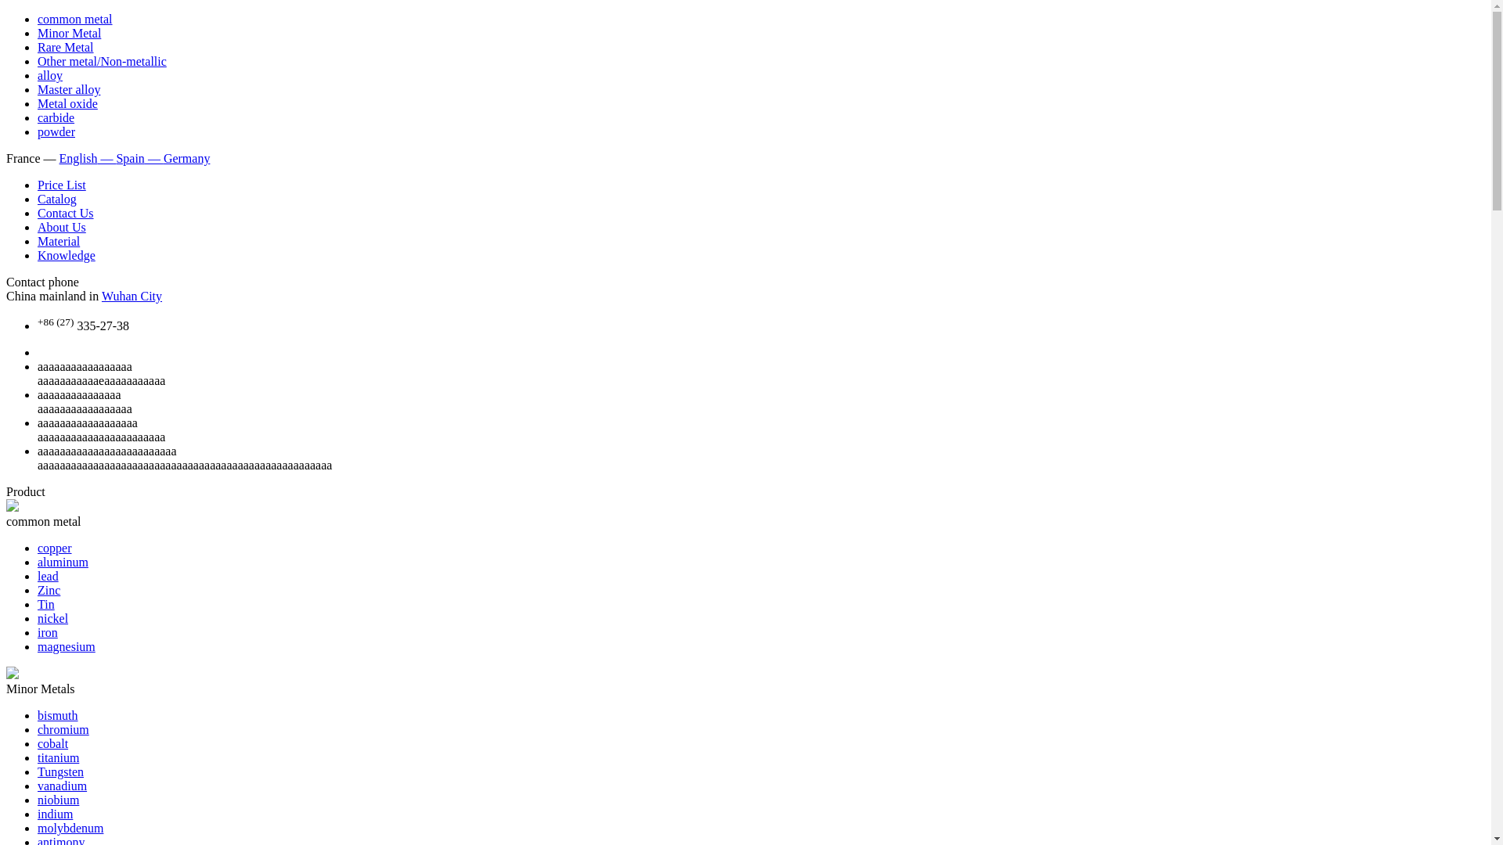 Image resolution: width=1503 pixels, height=845 pixels. What do you see at coordinates (38, 603) in the screenshot?
I see `'Tin'` at bounding box center [38, 603].